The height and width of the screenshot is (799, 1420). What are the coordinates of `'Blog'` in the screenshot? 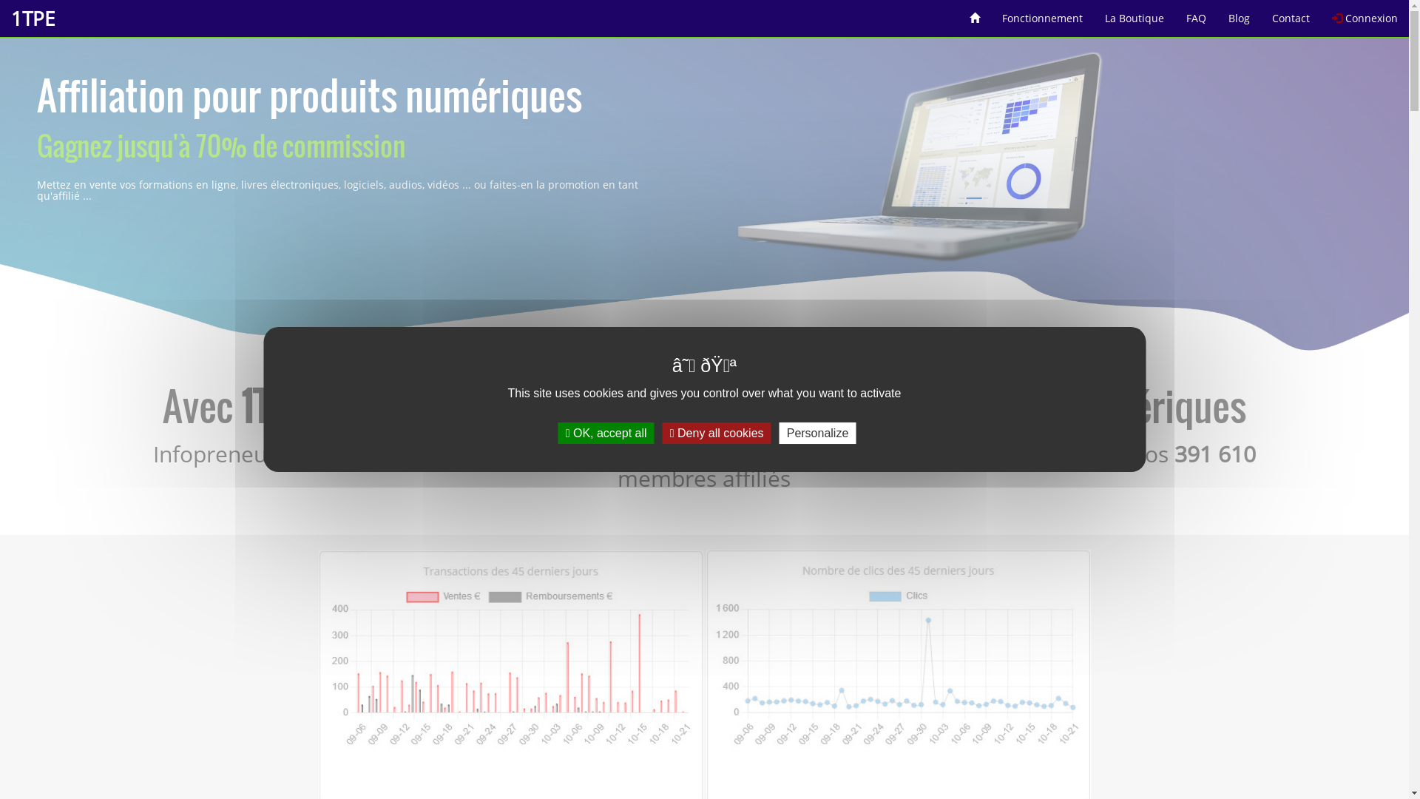 It's located at (1239, 13).